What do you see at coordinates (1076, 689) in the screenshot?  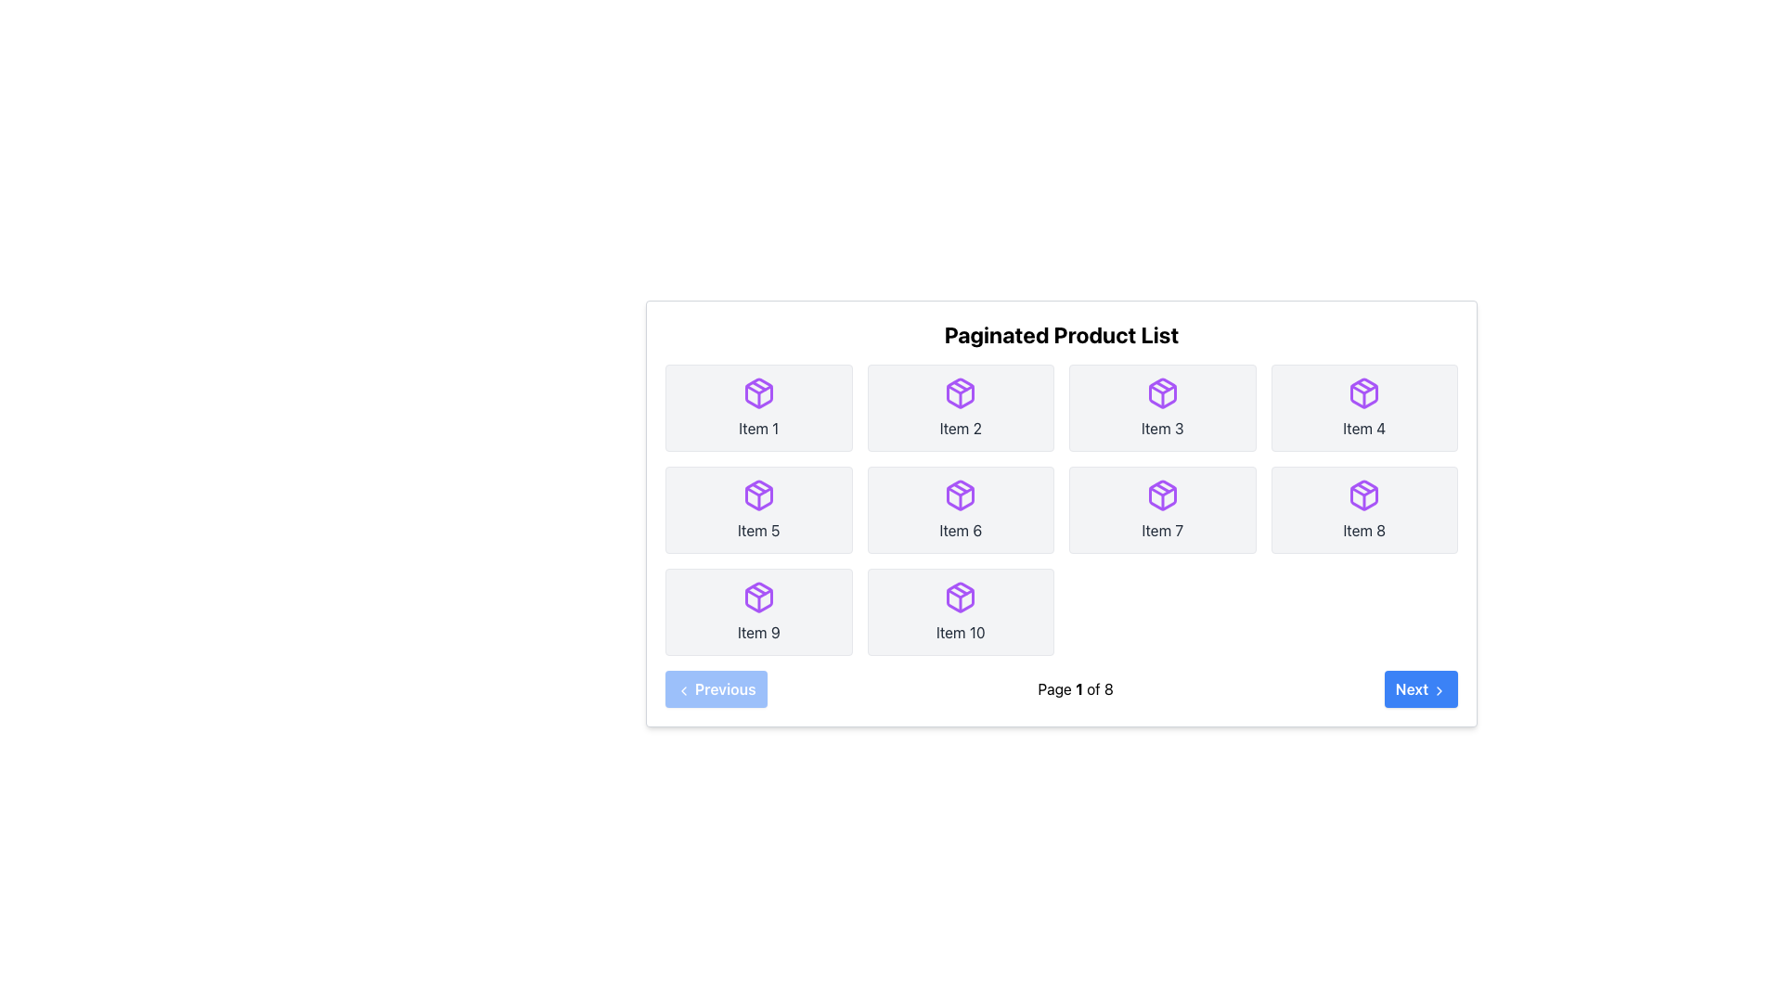 I see `the static text label displaying pagination information, which shows 'Page 1 of 8', located between the 'Previous' and 'Next' buttons` at bounding box center [1076, 689].